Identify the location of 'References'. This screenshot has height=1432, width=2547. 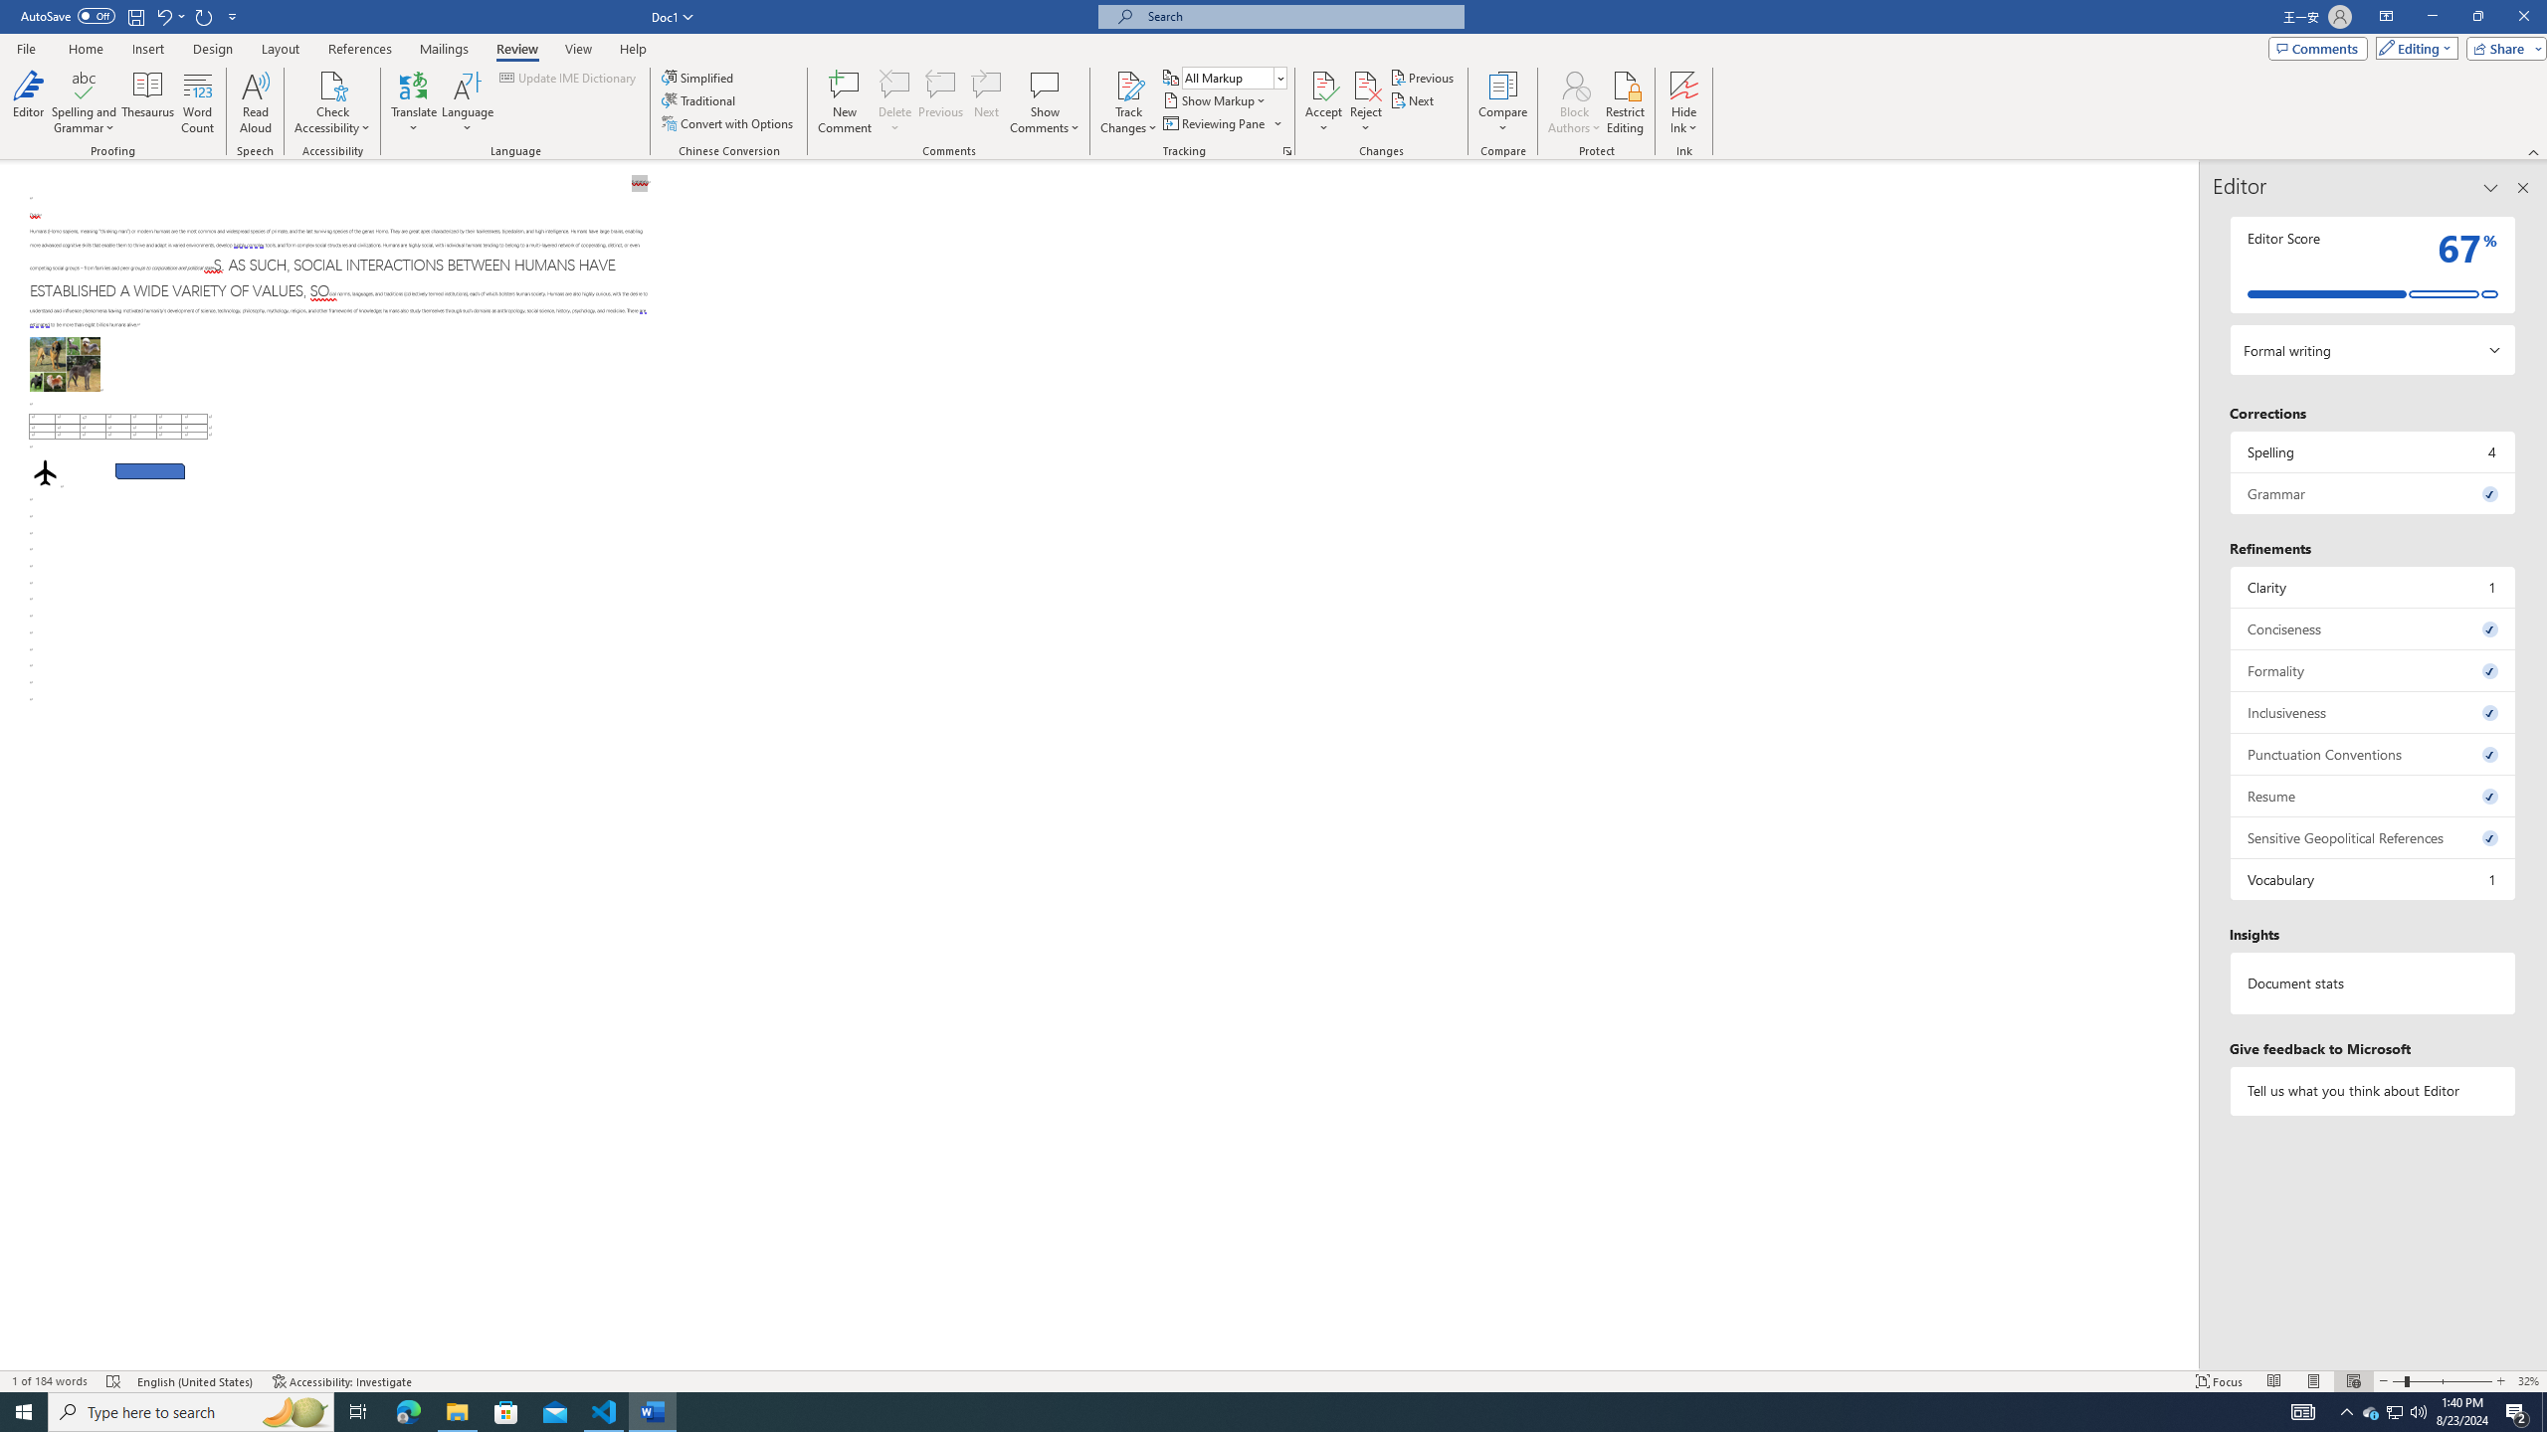
(360, 49).